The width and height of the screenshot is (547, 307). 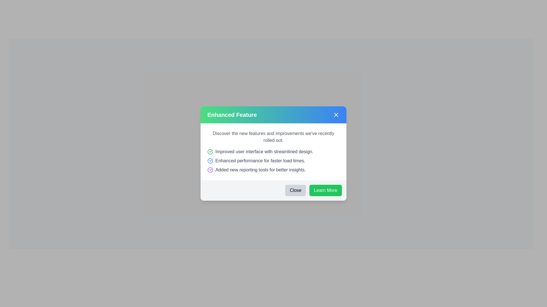 I want to click on the Text label that serves as the title of the modal dialog, positioned at the top-left of the header bar, so click(x=232, y=115).